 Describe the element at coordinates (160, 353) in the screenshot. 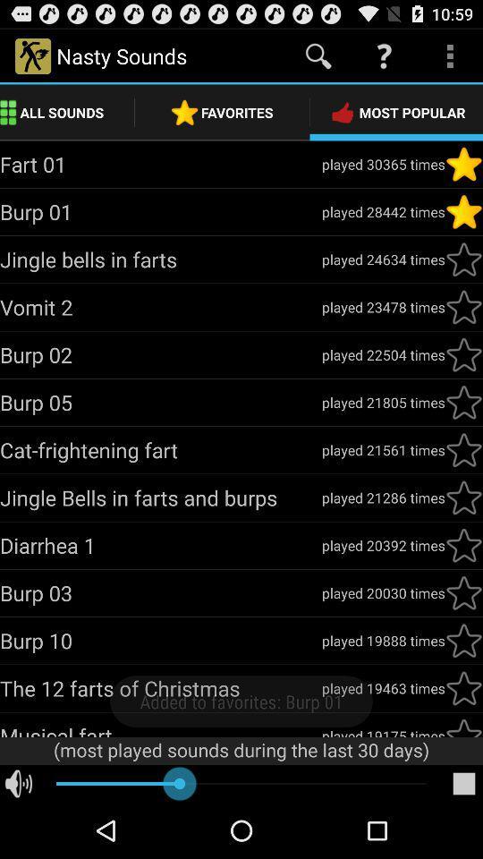

I see `burp 02` at that location.